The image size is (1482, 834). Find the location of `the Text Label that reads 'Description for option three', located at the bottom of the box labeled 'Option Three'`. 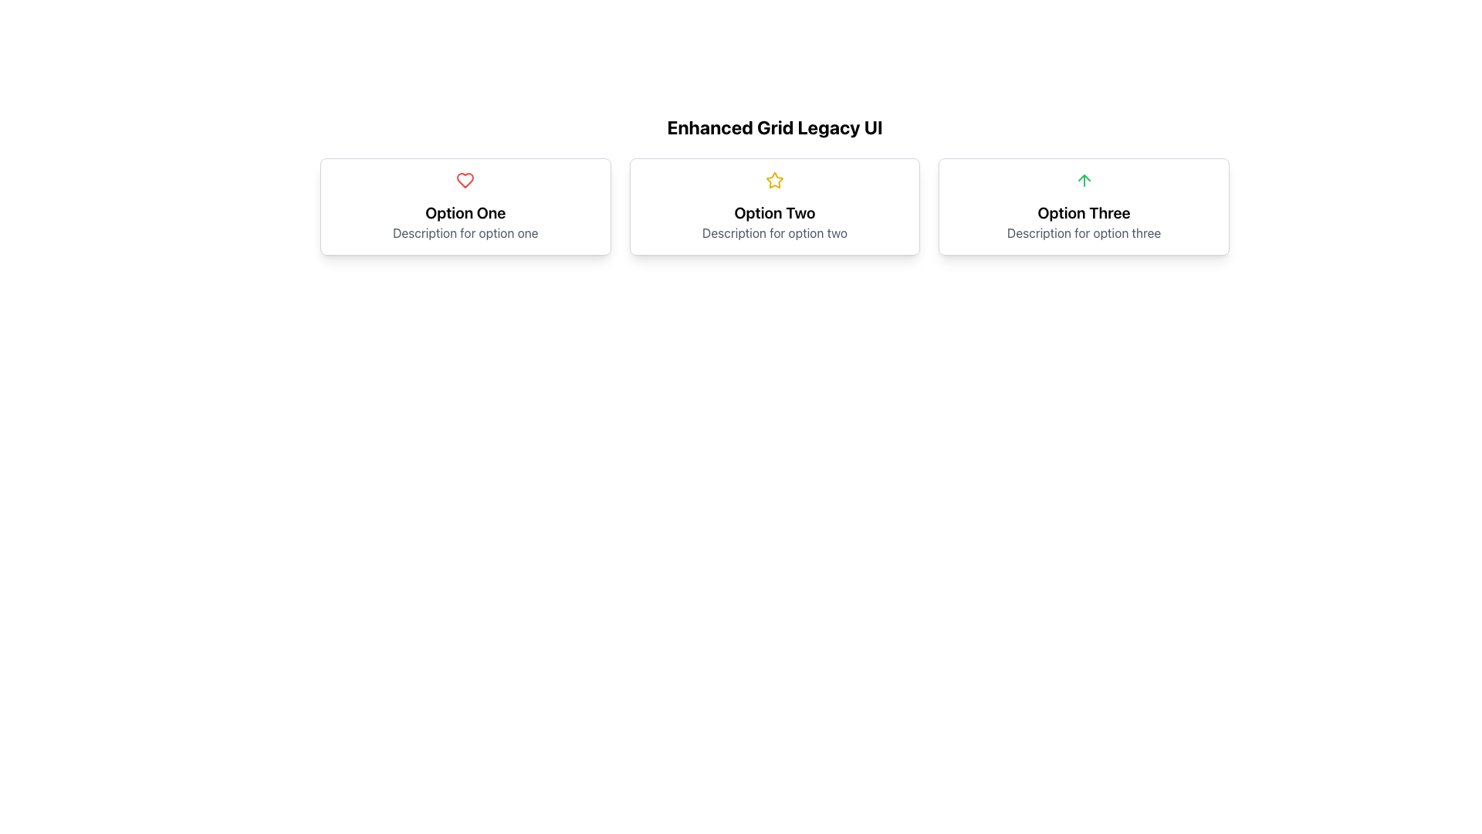

the Text Label that reads 'Description for option three', located at the bottom of the box labeled 'Option Three' is located at coordinates (1083, 232).